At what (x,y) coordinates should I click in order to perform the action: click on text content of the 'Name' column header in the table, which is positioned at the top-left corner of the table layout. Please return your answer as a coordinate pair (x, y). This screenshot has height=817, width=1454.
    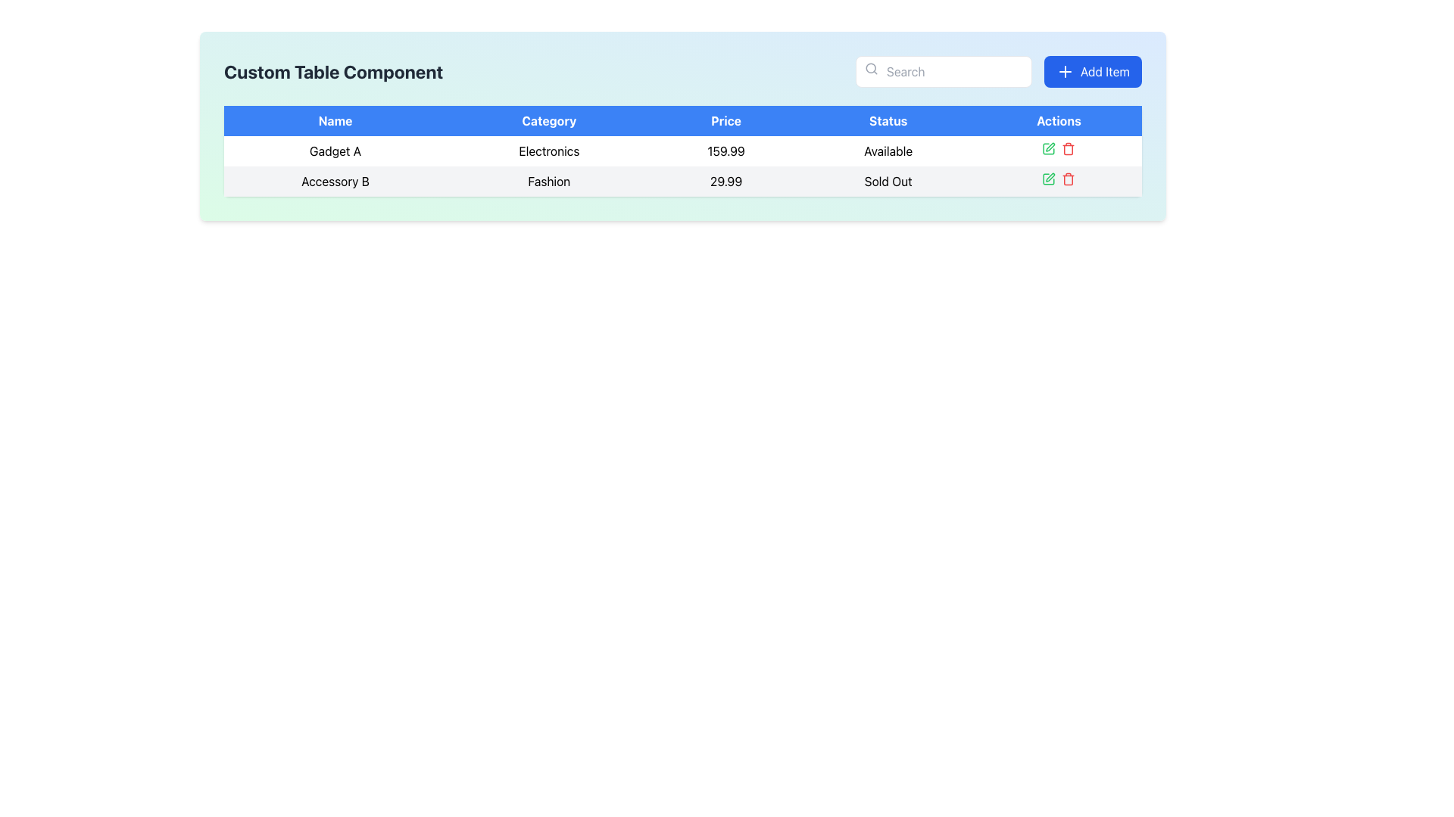
    Looking at the image, I should click on (335, 120).